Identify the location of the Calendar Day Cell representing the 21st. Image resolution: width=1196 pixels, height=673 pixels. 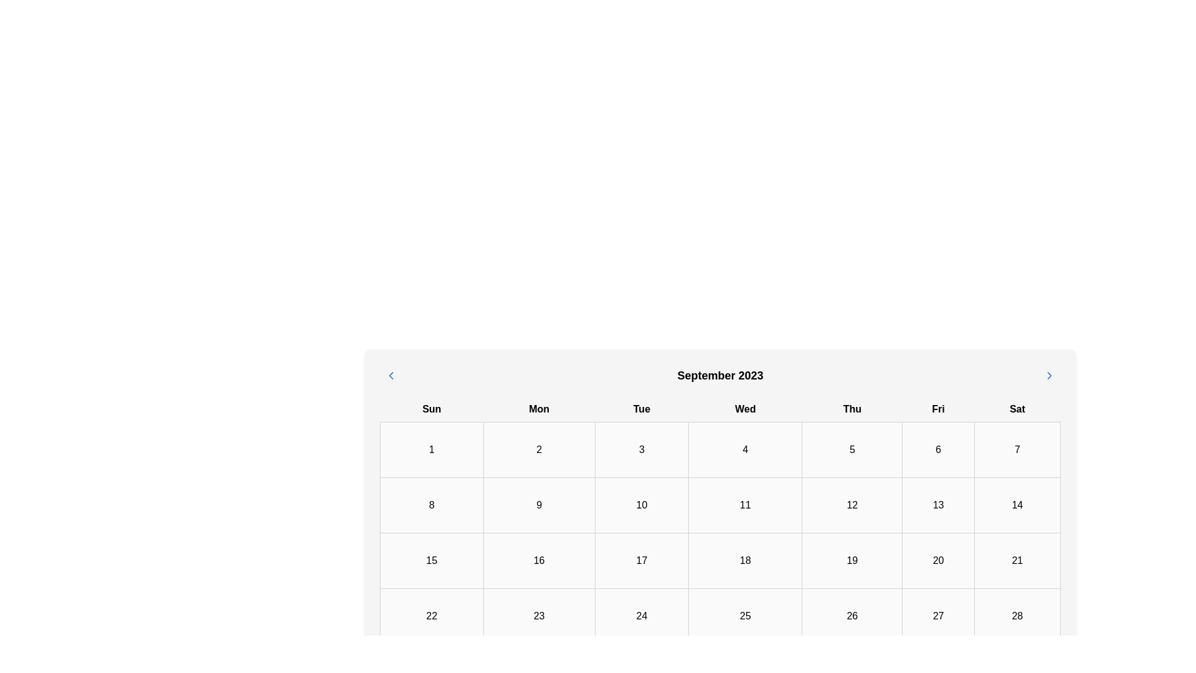
(1017, 560).